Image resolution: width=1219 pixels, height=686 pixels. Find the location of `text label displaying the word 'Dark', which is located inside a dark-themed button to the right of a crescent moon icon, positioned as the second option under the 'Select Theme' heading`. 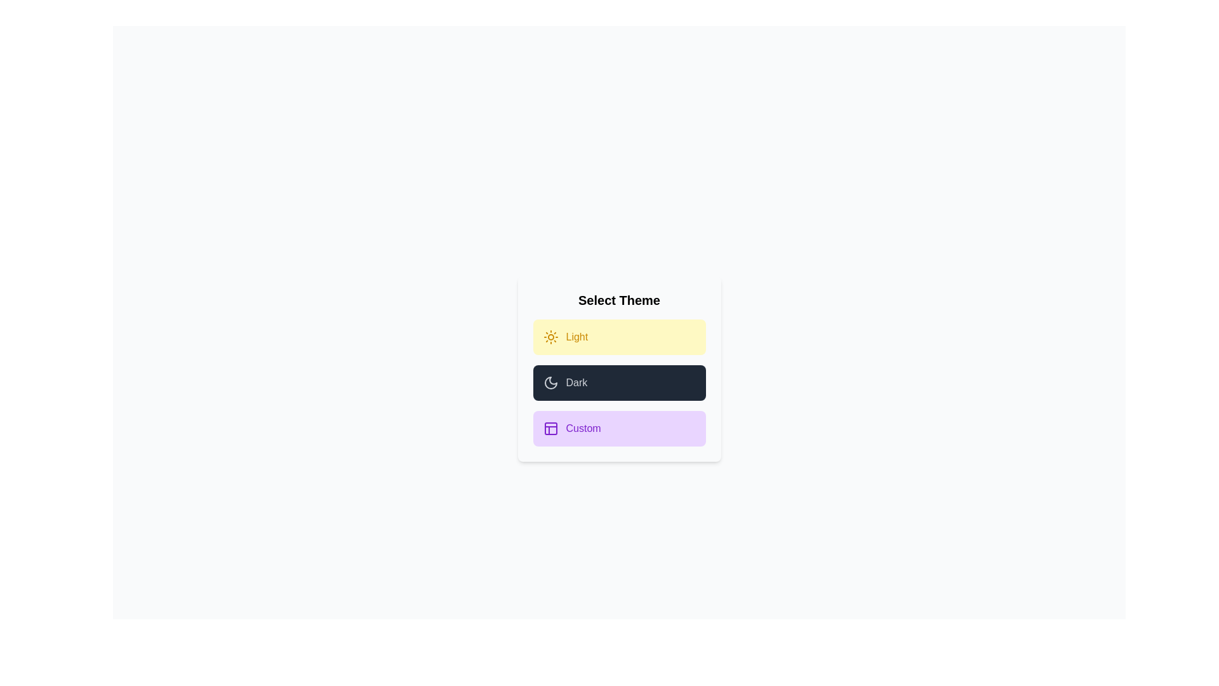

text label displaying the word 'Dark', which is located inside a dark-themed button to the right of a crescent moon icon, positioned as the second option under the 'Select Theme' heading is located at coordinates (576, 382).